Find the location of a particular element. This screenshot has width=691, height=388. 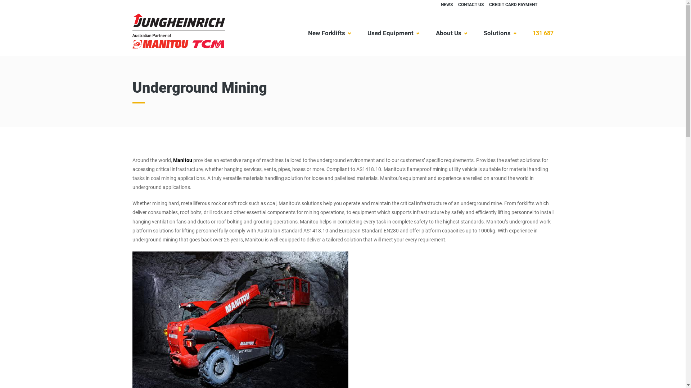

'New Forklifts' is located at coordinates (329, 33).